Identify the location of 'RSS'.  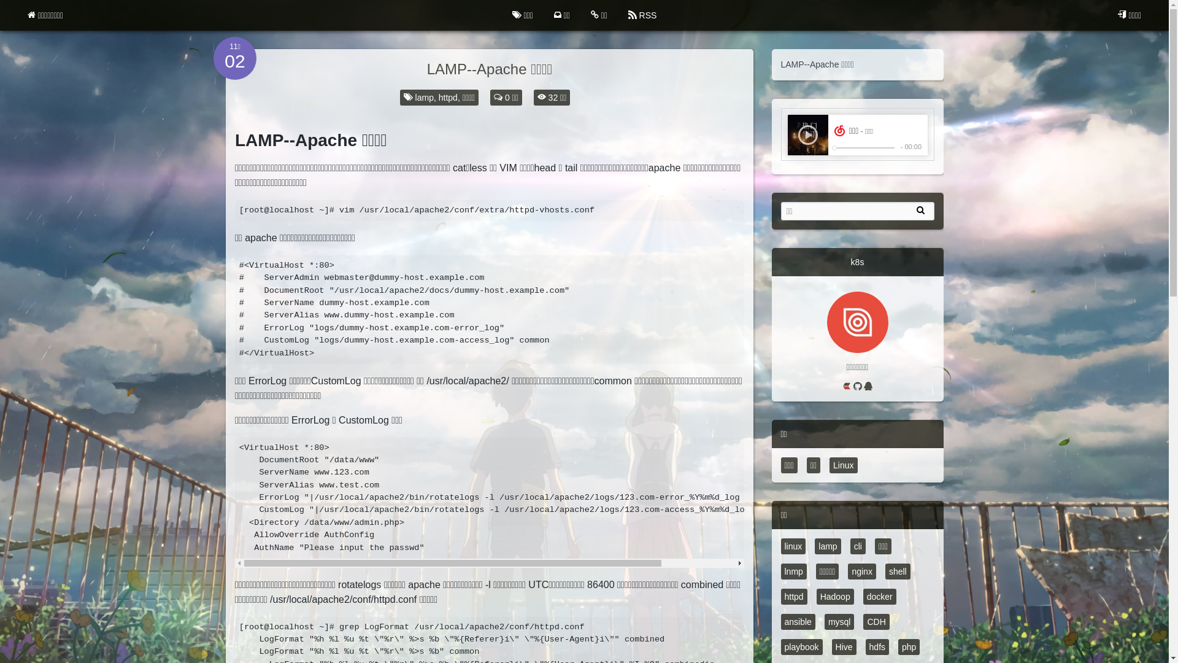
(618, 15).